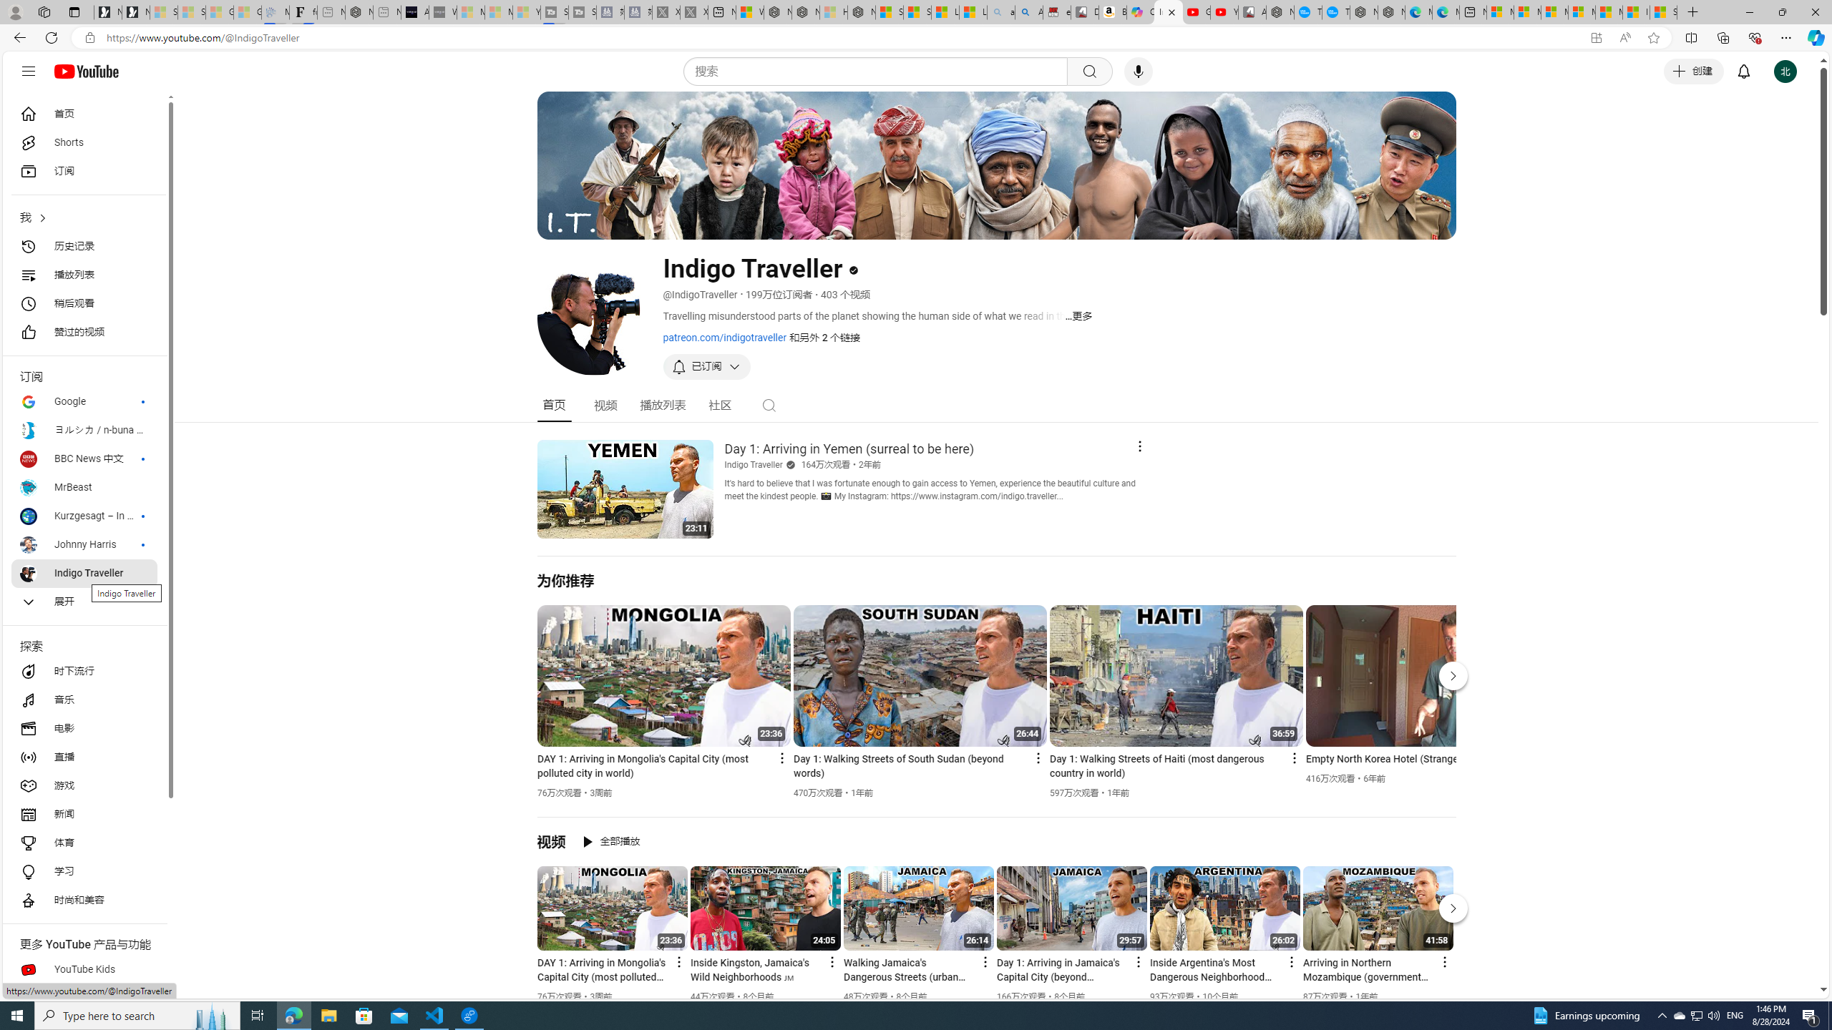 This screenshot has width=1832, height=1030. I want to click on 'Gloom - YouTube', so click(1196, 11).